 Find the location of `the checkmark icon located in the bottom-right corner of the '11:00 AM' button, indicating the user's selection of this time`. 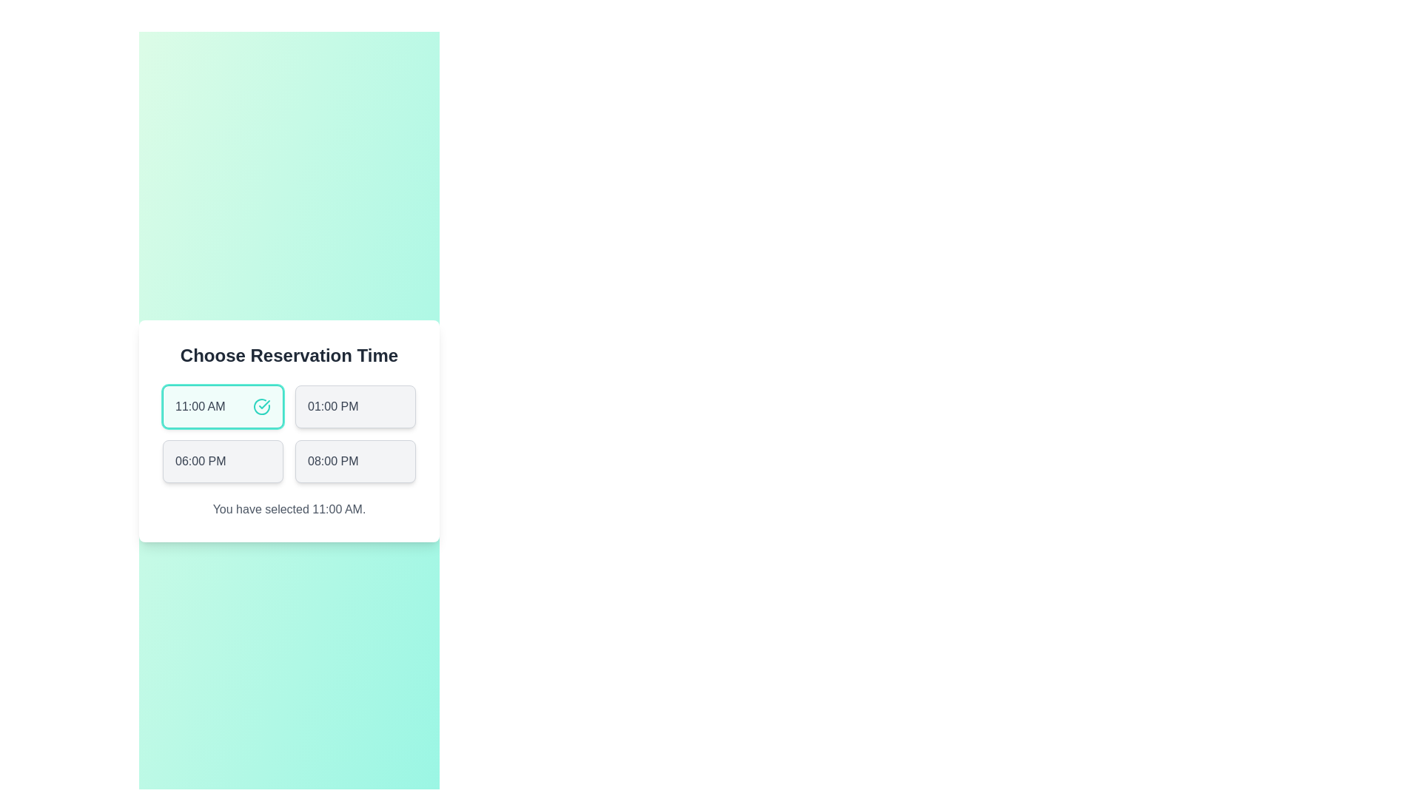

the checkmark icon located in the bottom-right corner of the '11:00 AM' button, indicating the user's selection of this time is located at coordinates (262, 407).